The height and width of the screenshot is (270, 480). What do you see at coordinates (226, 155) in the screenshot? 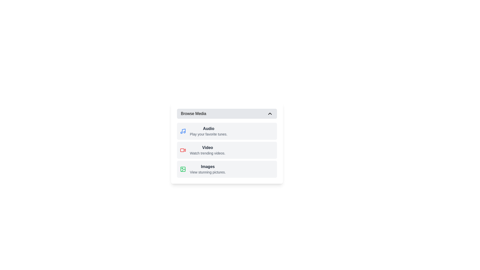
I see `the second menu item in the 'Browse Media' box` at bounding box center [226, 155].